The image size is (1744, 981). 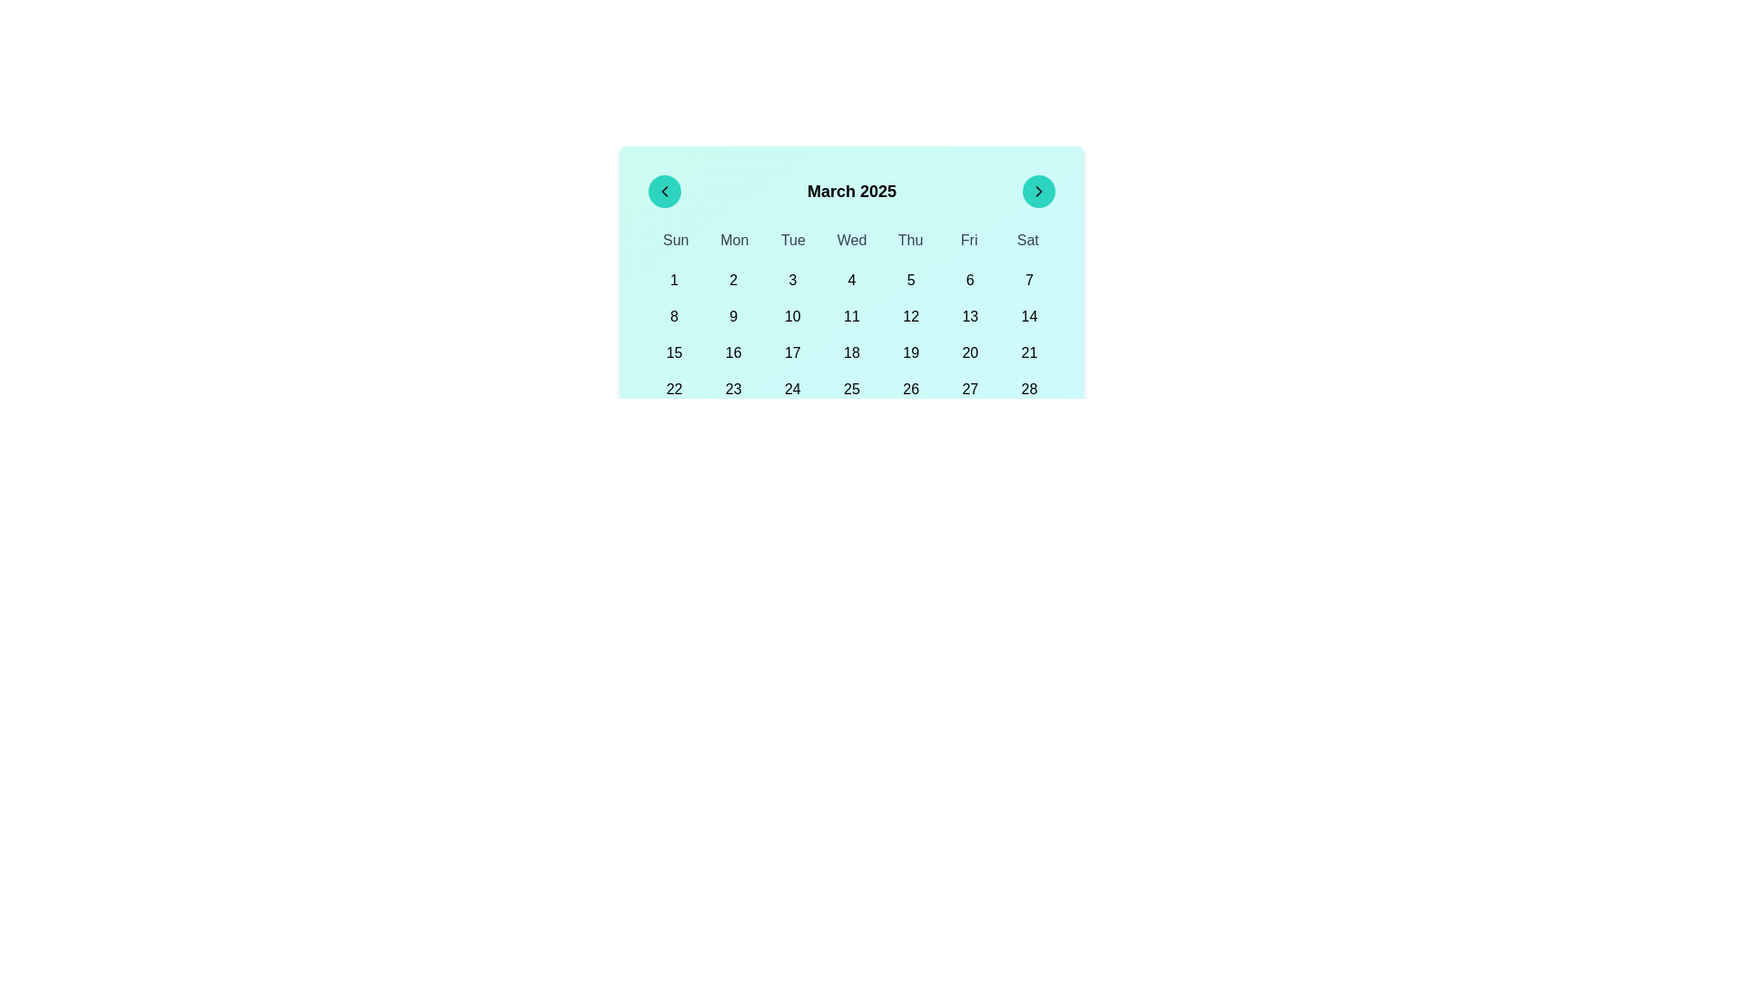 What do you see at coordinates (663, 192) in the screenshot?
I see `the button that allows the user to navigate to the previous month in the calendar view, located at the top-left corner next to the text 'March 2025'` at bounding box center [663, 192].